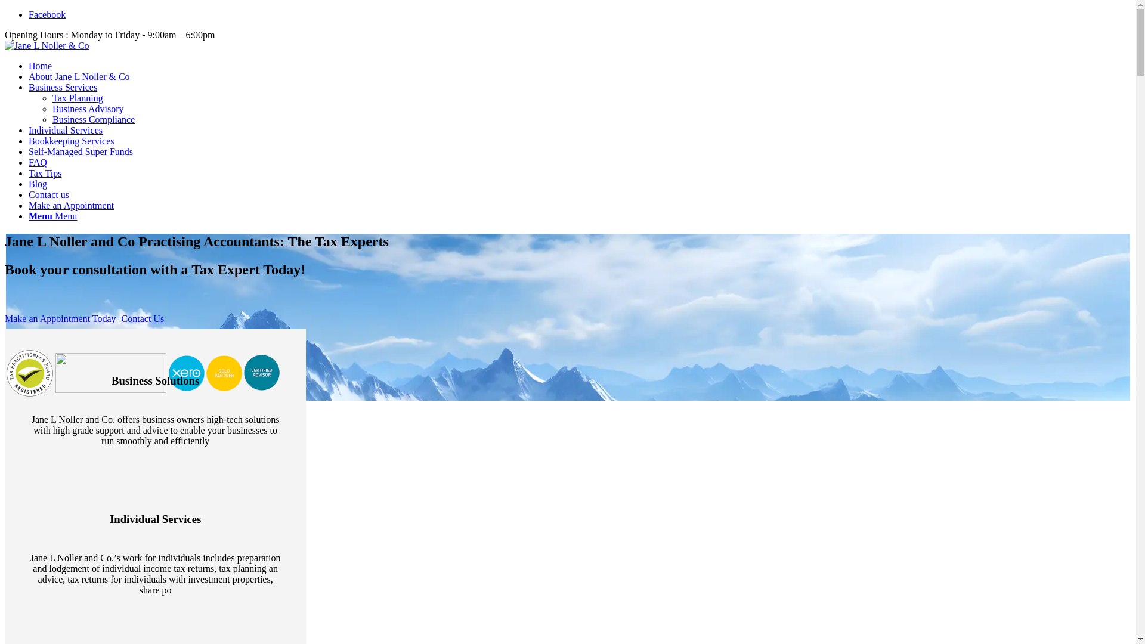  What do you see at coordinates (40, 66) in the screenshot?
I see `'Home'` at bounding box center [40, 66].